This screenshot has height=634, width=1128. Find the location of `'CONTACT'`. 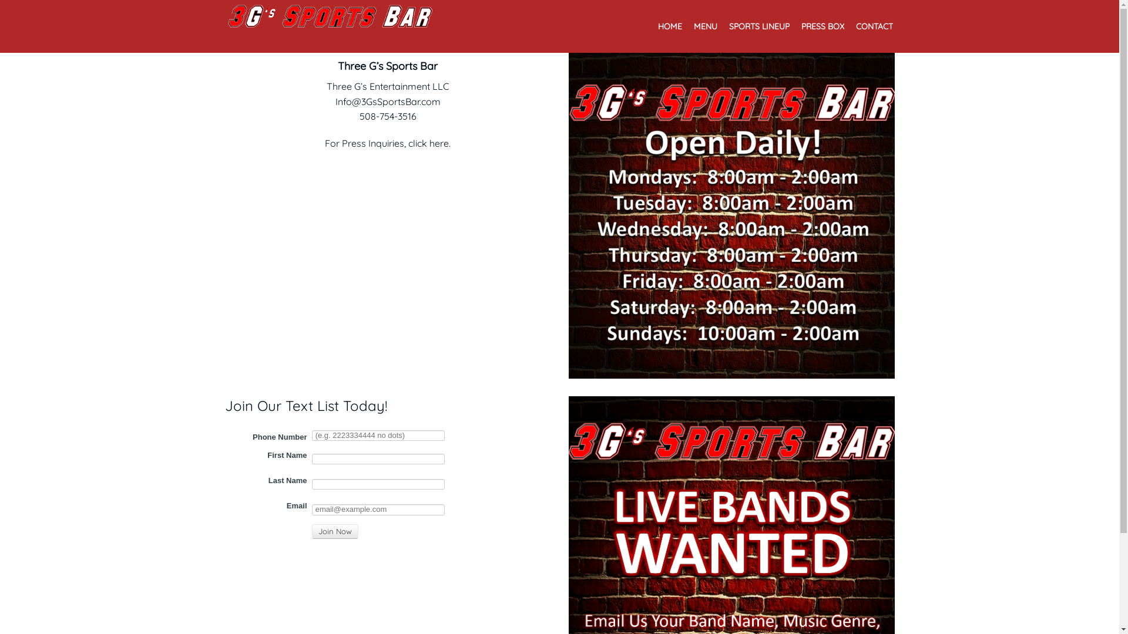

'CONTACT' is located at coordinates (874, 29).